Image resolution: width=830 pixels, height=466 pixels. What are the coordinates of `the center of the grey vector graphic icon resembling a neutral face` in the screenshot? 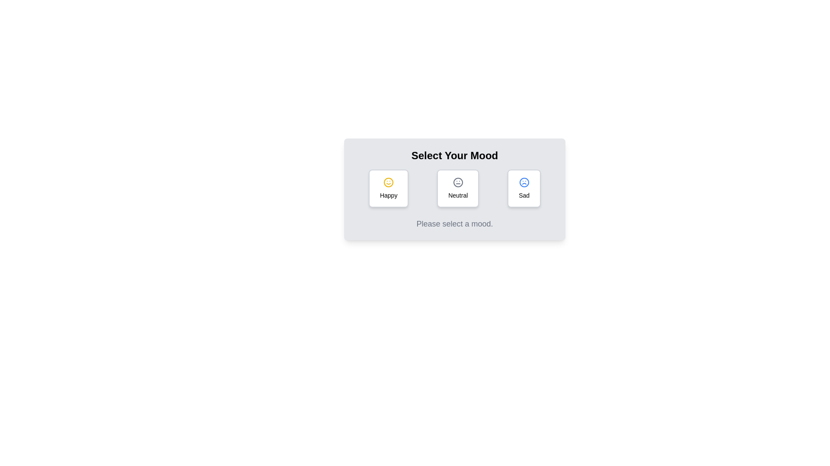 It's located at (457, 182).